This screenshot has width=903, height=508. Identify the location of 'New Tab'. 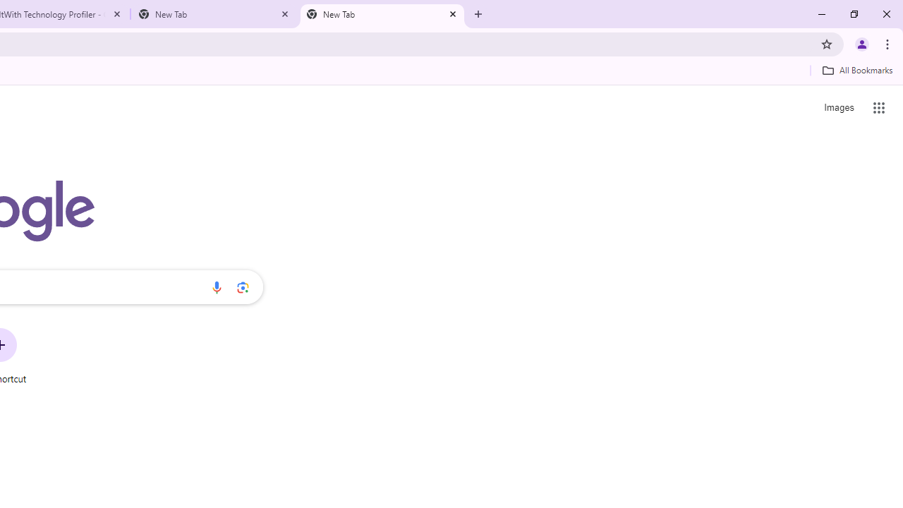
(214, 14).